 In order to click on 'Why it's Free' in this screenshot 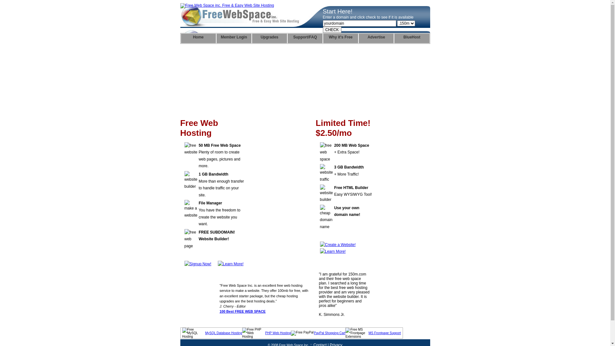, I will do `click(340, 38)`.